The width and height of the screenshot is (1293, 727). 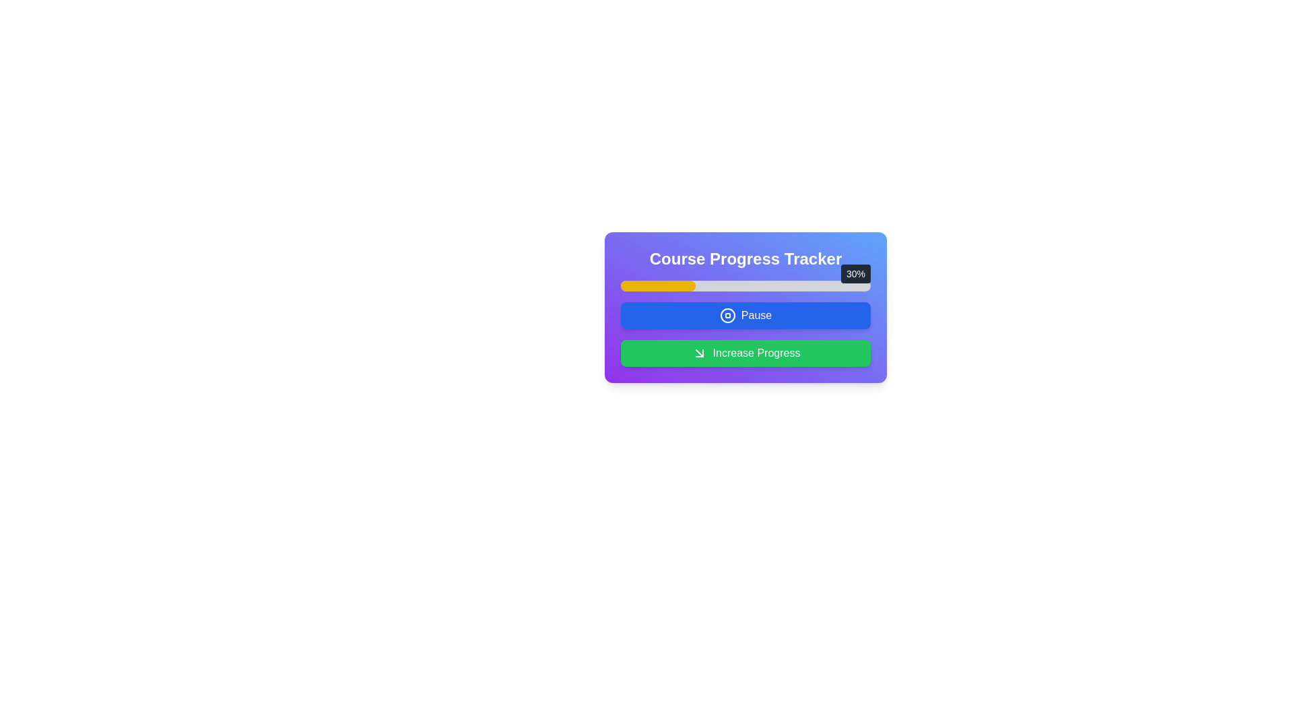 I want to click on the progress bar section indicating 30% progress, located at the top of the interface, to visually communicate the current progress level, so click(x=658, y=285).